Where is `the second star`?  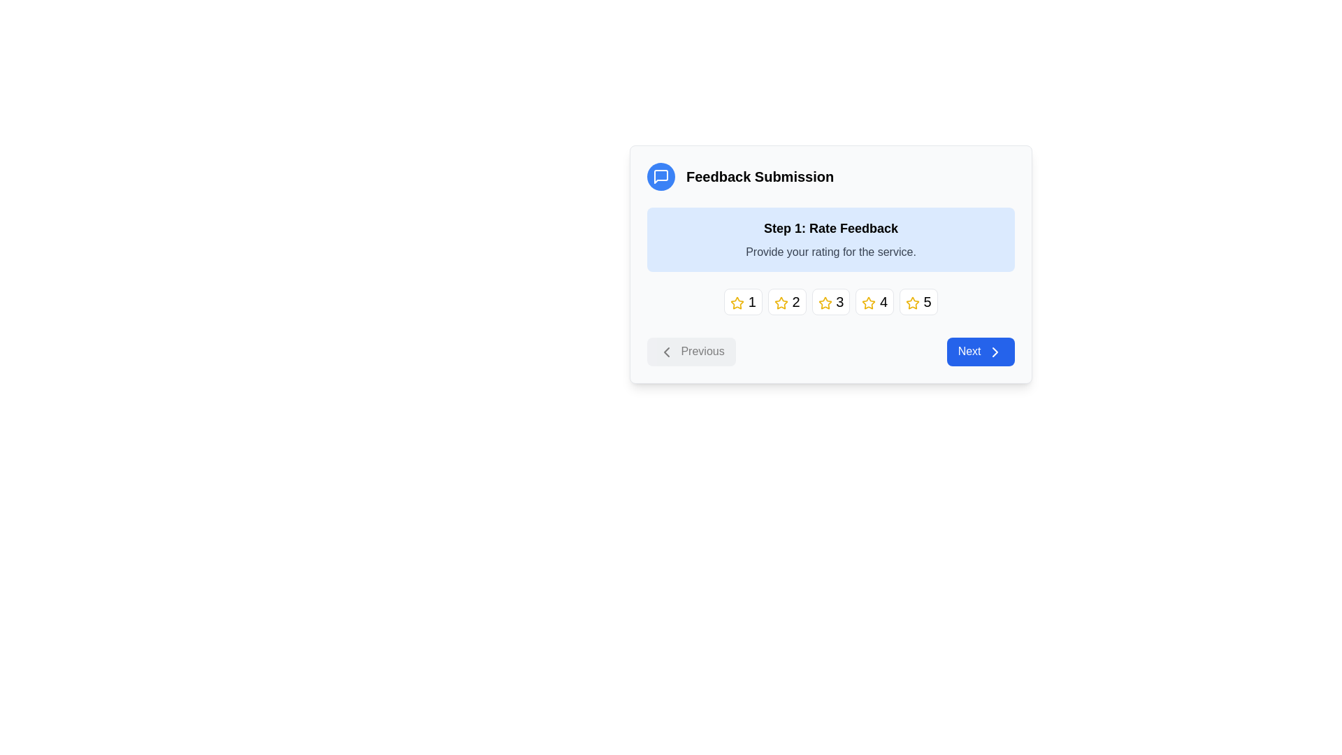
the second star is located at coordinates (781, 302).